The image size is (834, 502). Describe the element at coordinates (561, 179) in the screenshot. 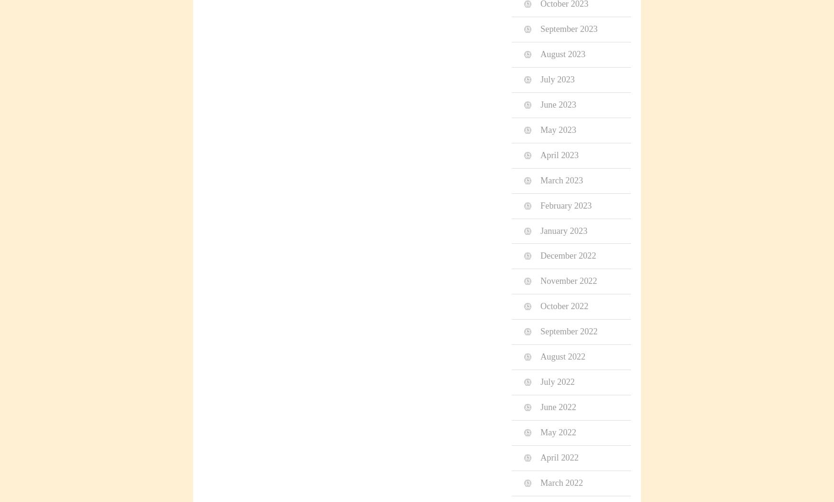

I see `'March 2023'` at that location.